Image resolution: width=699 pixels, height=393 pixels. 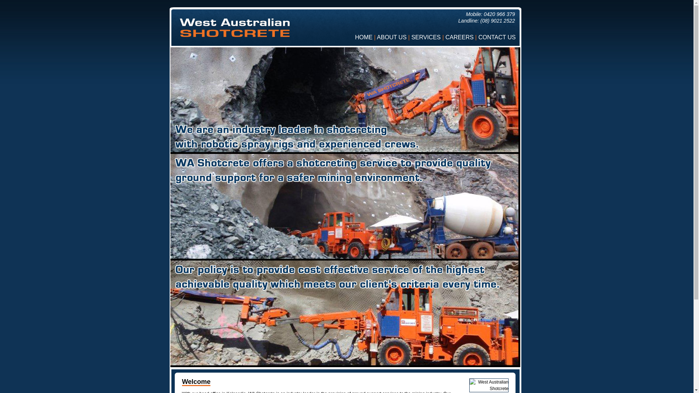 I want to click on 'HOME', so click(x=363, y=37).